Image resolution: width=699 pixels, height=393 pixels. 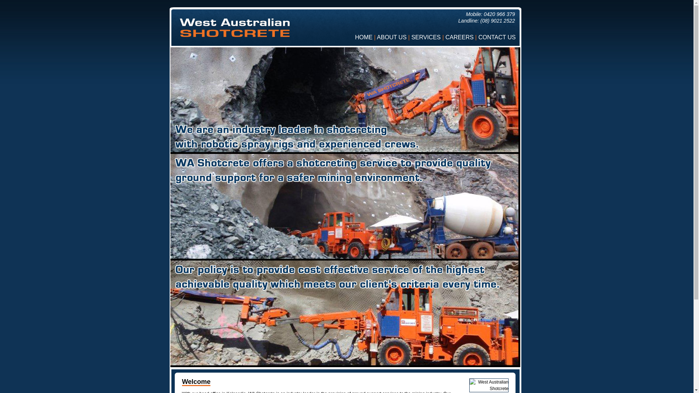 I want to click on 'HOME', so click(x=363, y=37).